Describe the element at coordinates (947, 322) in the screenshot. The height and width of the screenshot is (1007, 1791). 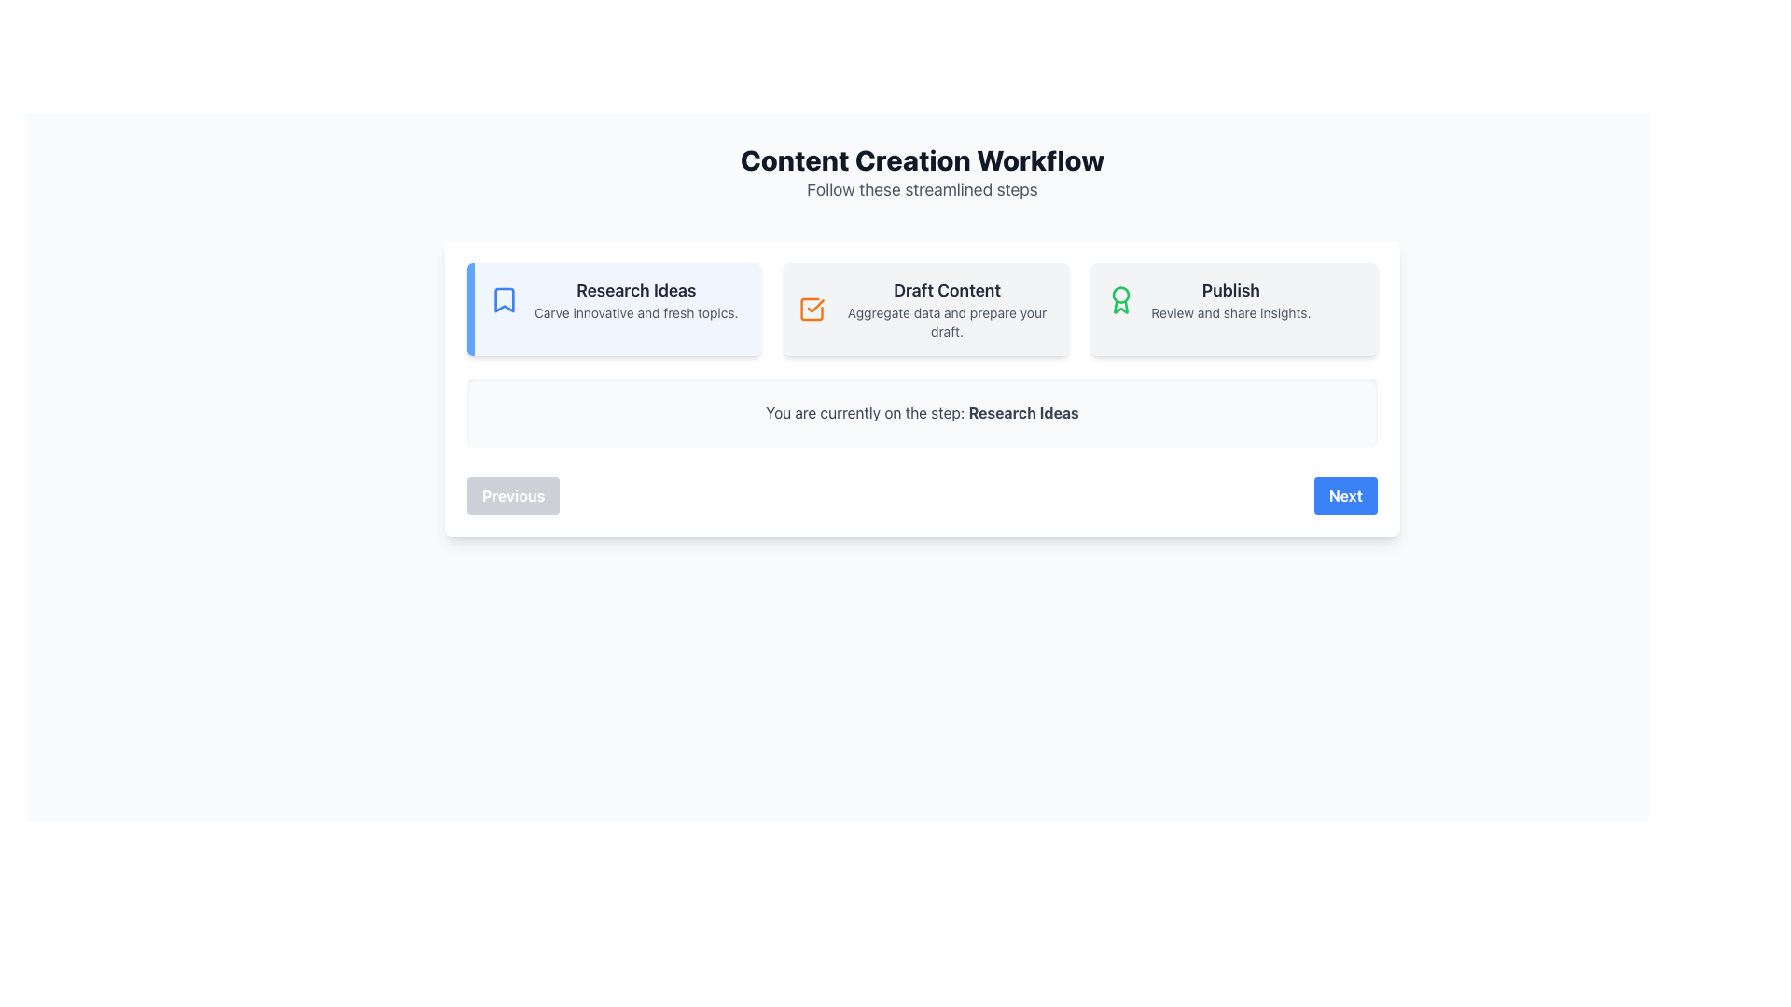
I see `Text Label located under the 'Draft Content' title, which provides additional context for the workflow step` at that location.